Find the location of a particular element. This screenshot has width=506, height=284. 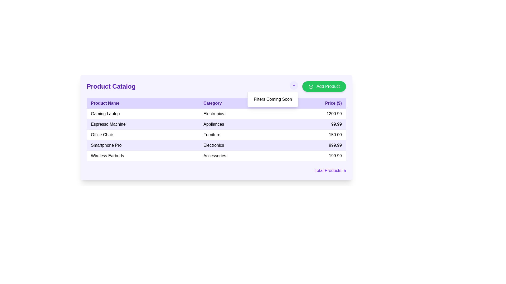

the downwards-pointing violet chevron icon is located at coordinates (294, 85).